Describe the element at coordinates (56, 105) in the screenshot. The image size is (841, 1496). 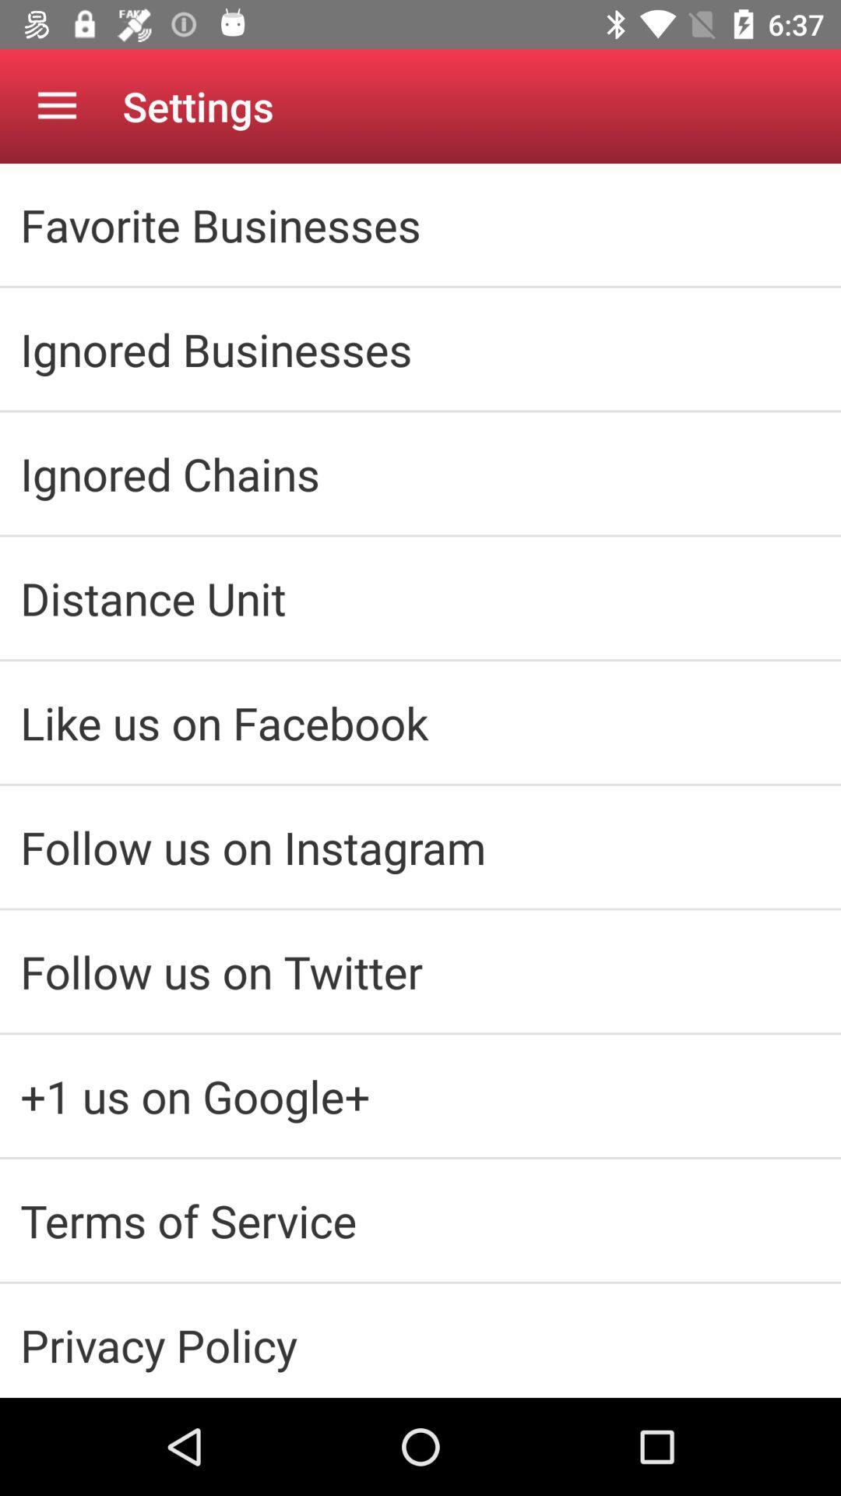
I see `the item above the favorite businesses icon` at that location.